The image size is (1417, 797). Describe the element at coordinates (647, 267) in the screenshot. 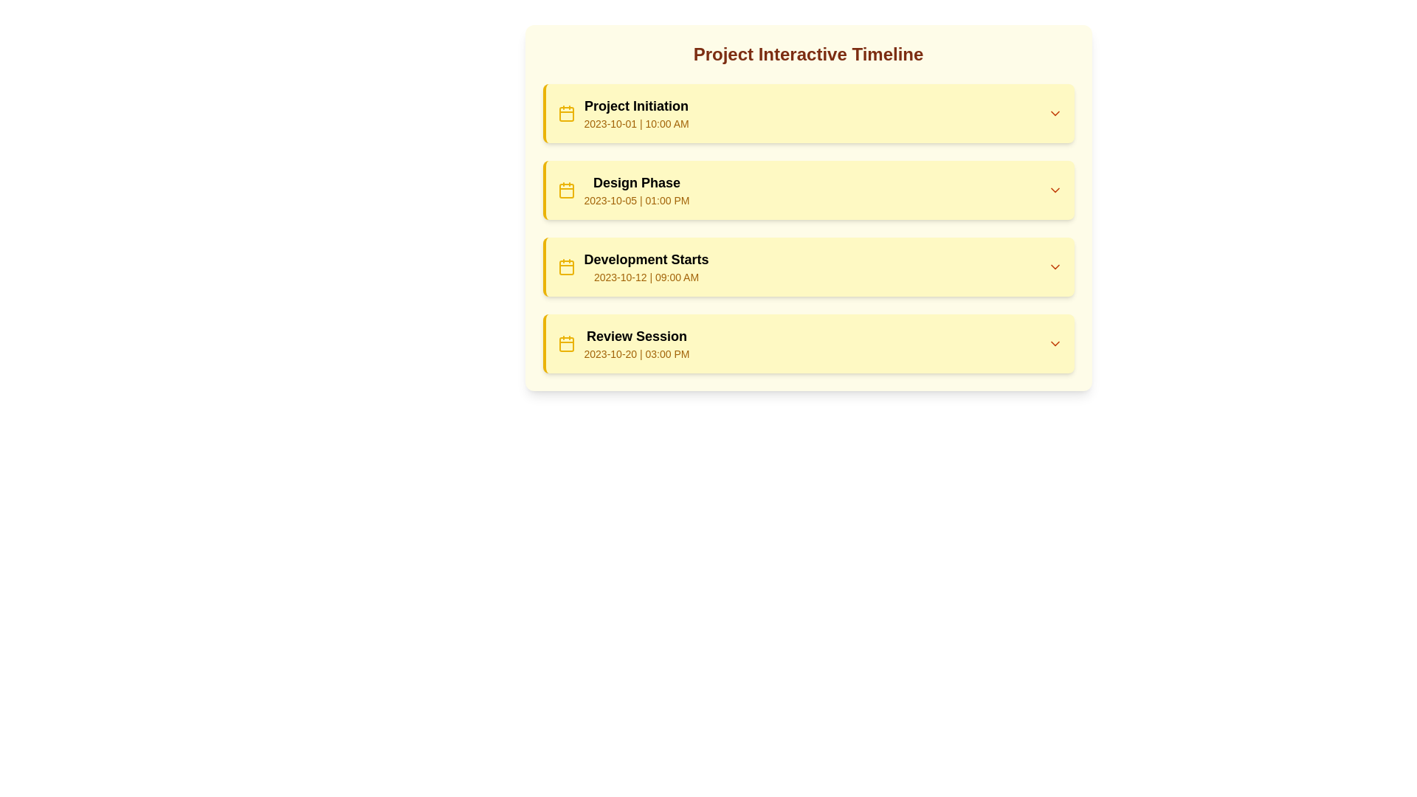

I see `the text display that shows 'Development Starts' and the date-time '2023-10-12 | 09:00 AM', positioned in a yellow-highlighted section between 'Design Phase' and 'Review Session'` at that location.